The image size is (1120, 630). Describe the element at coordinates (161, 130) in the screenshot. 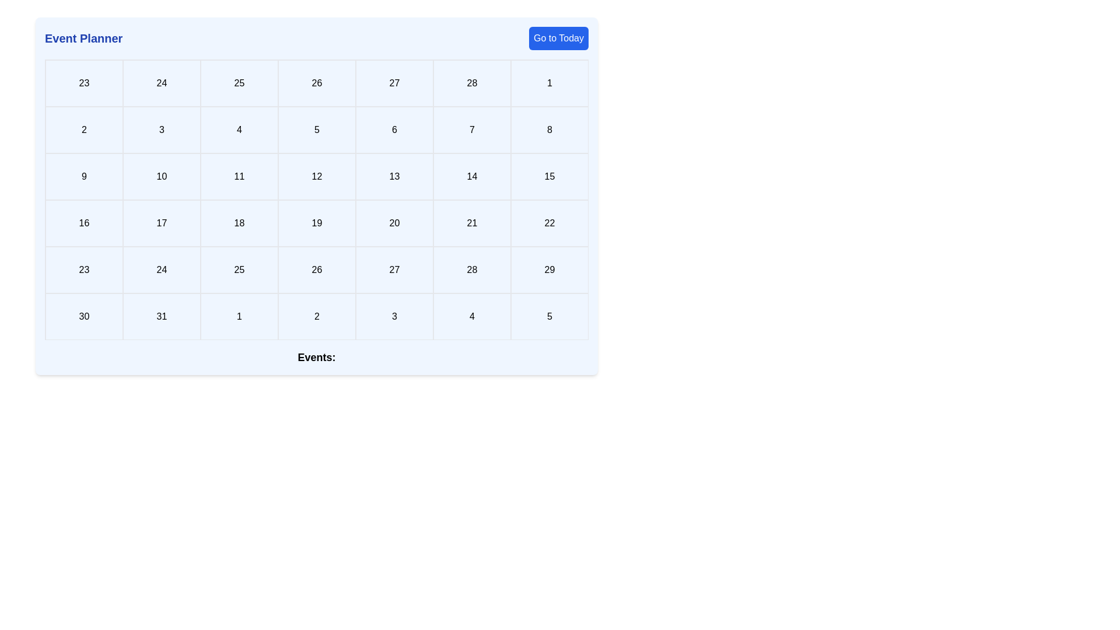

I see `the grid cell containing the number '3', which is in the second row and third column` at that location.